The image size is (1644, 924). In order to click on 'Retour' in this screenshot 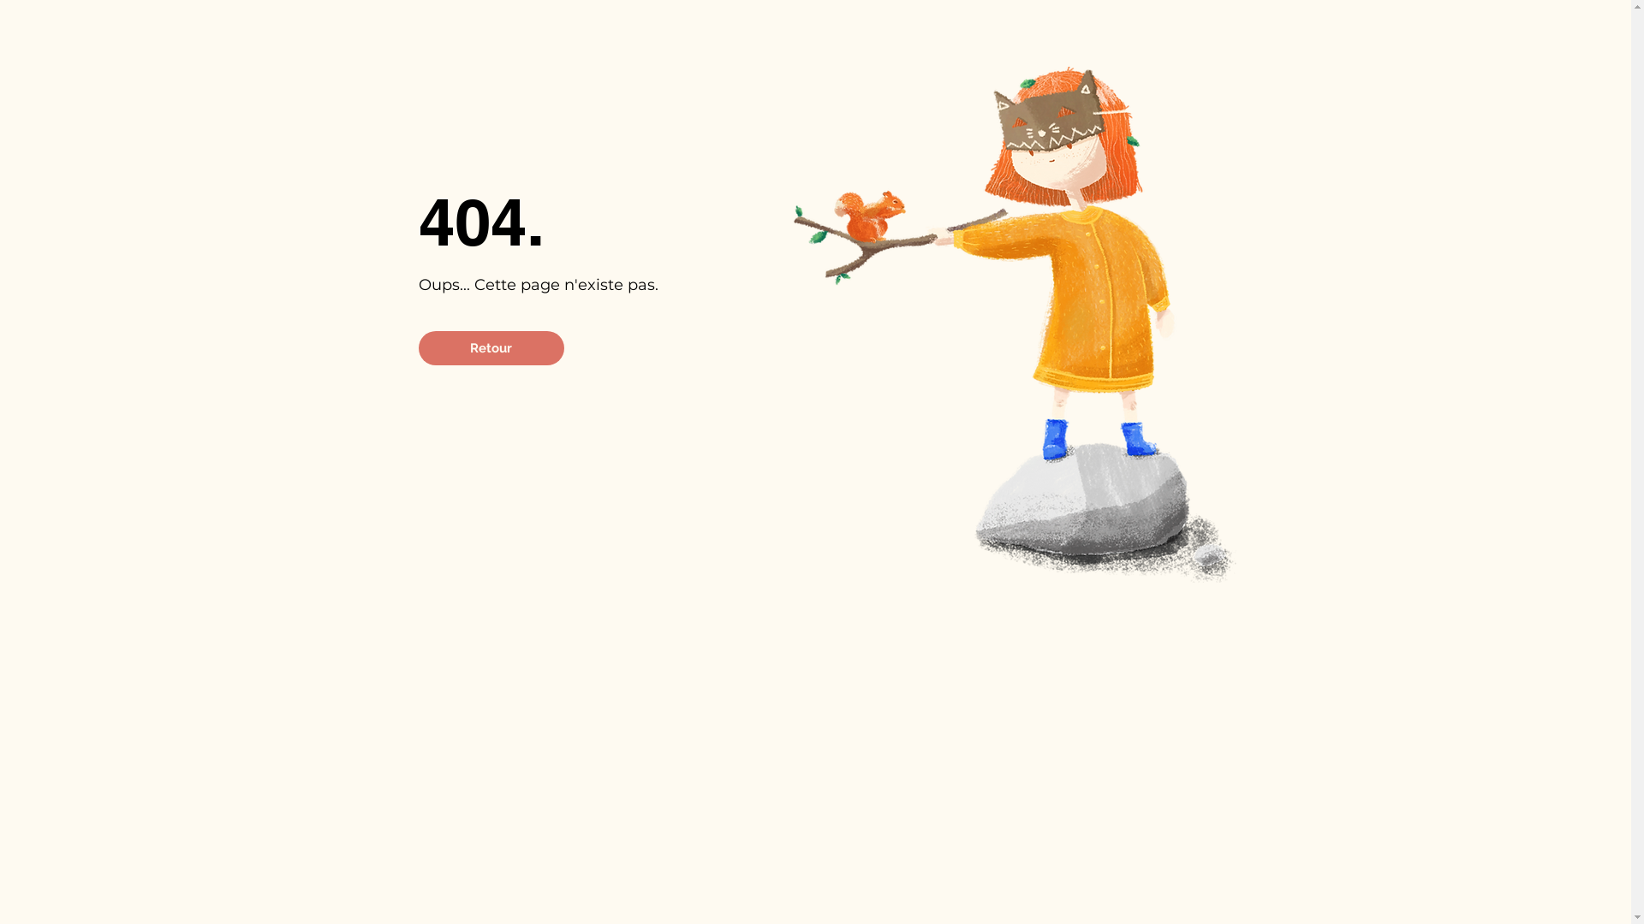, I will do `click(418, 347)`.